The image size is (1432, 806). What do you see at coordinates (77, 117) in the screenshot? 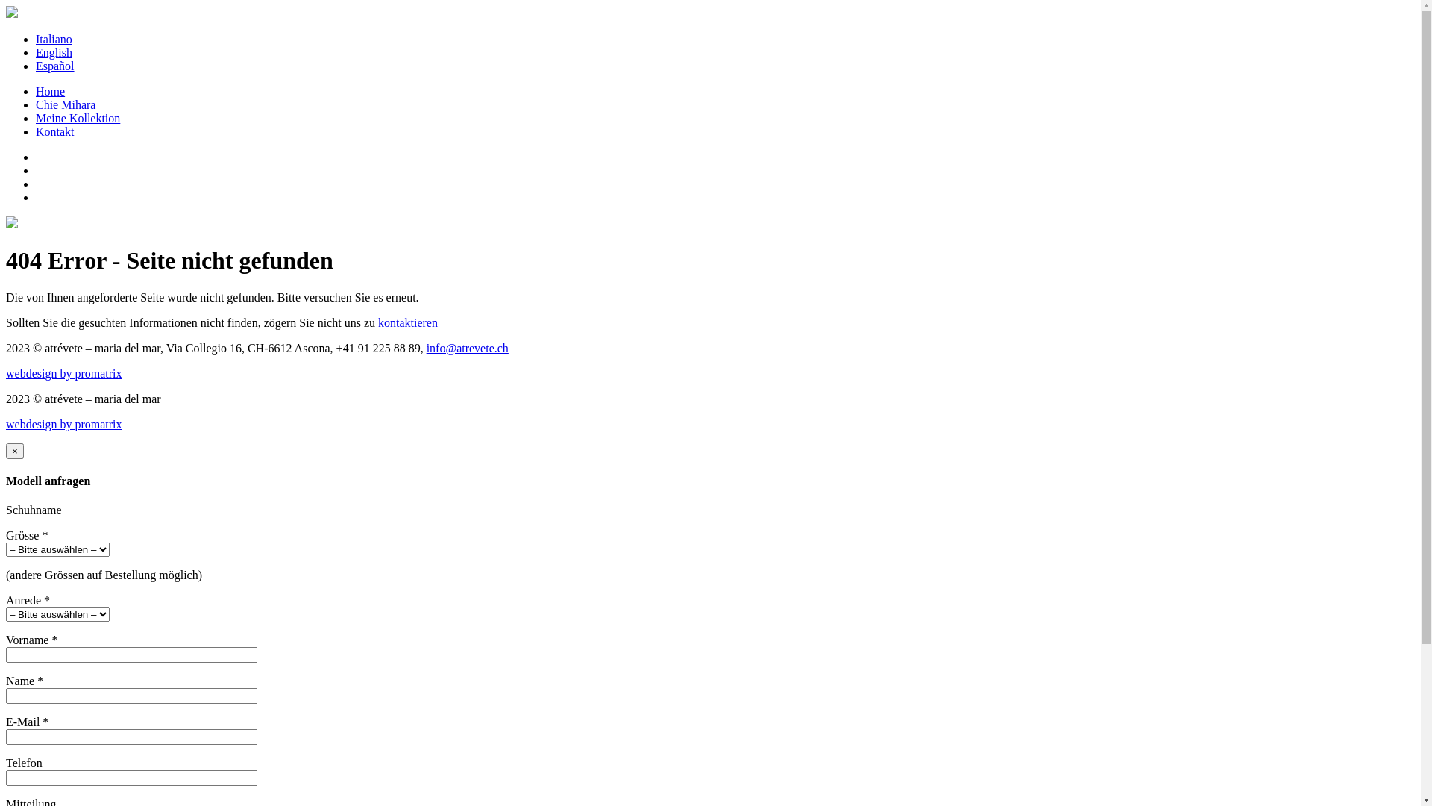
I see `'Meine Kollektion'` at bounding box center [77, 117].